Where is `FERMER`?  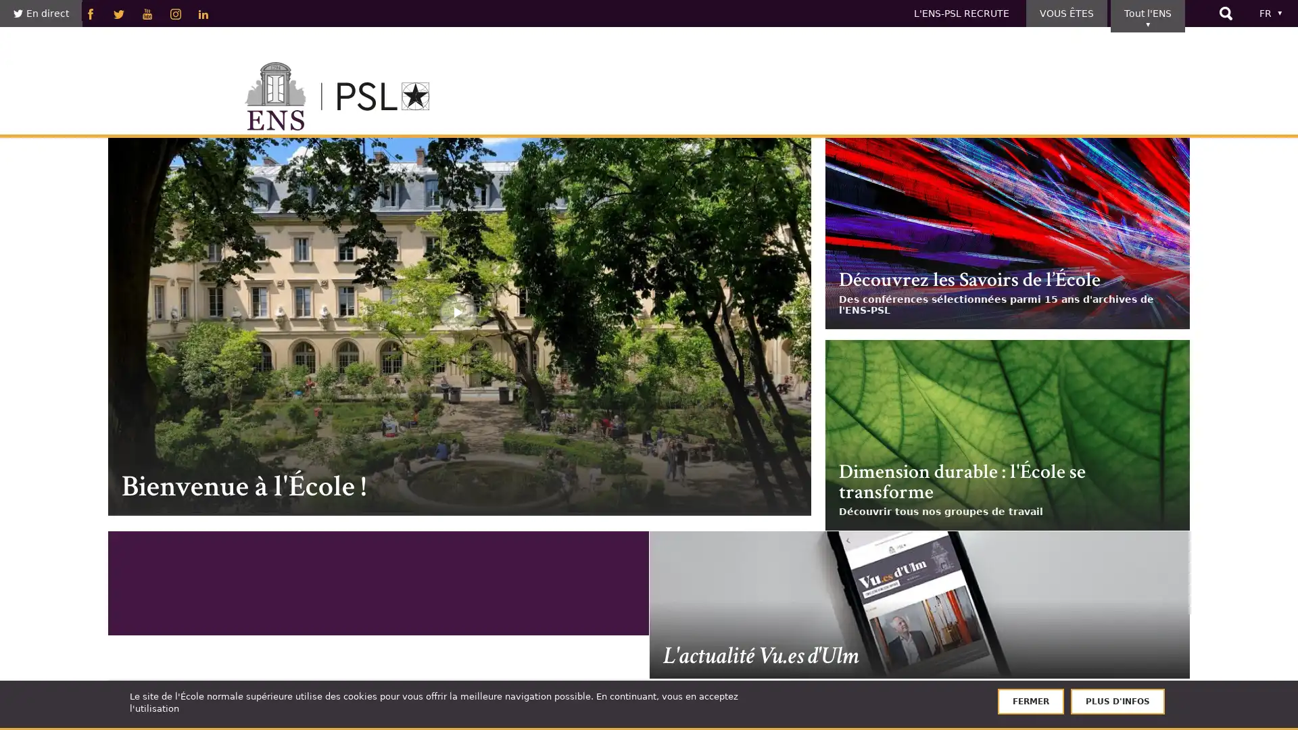
FERMER is located at coordinates (1030, 700).